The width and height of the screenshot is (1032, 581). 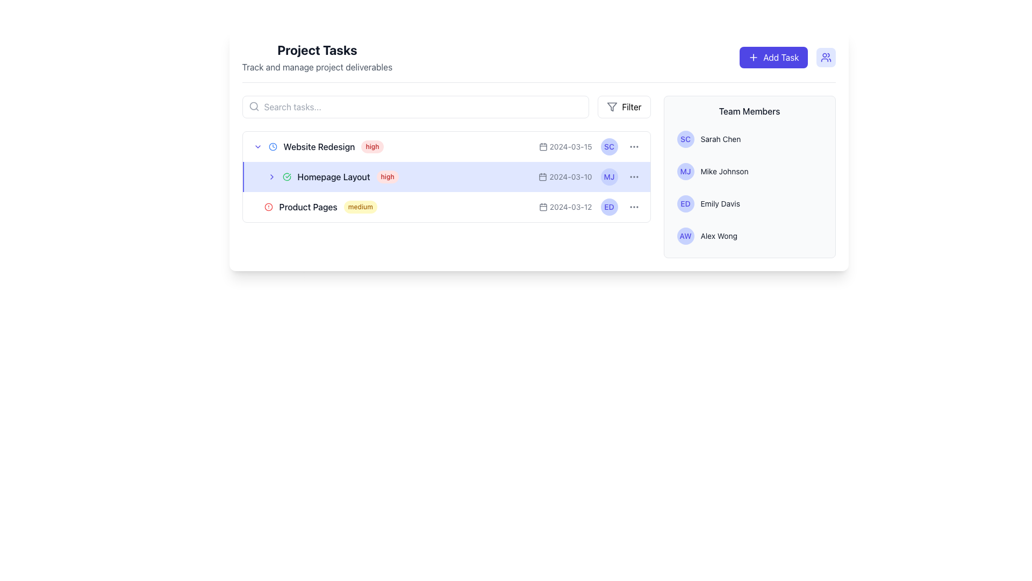 I want to click on the timestamp icon located in the task row labeled 'Website Redesign', positioned to the left of the text 'high', so click(x=273, y=147).